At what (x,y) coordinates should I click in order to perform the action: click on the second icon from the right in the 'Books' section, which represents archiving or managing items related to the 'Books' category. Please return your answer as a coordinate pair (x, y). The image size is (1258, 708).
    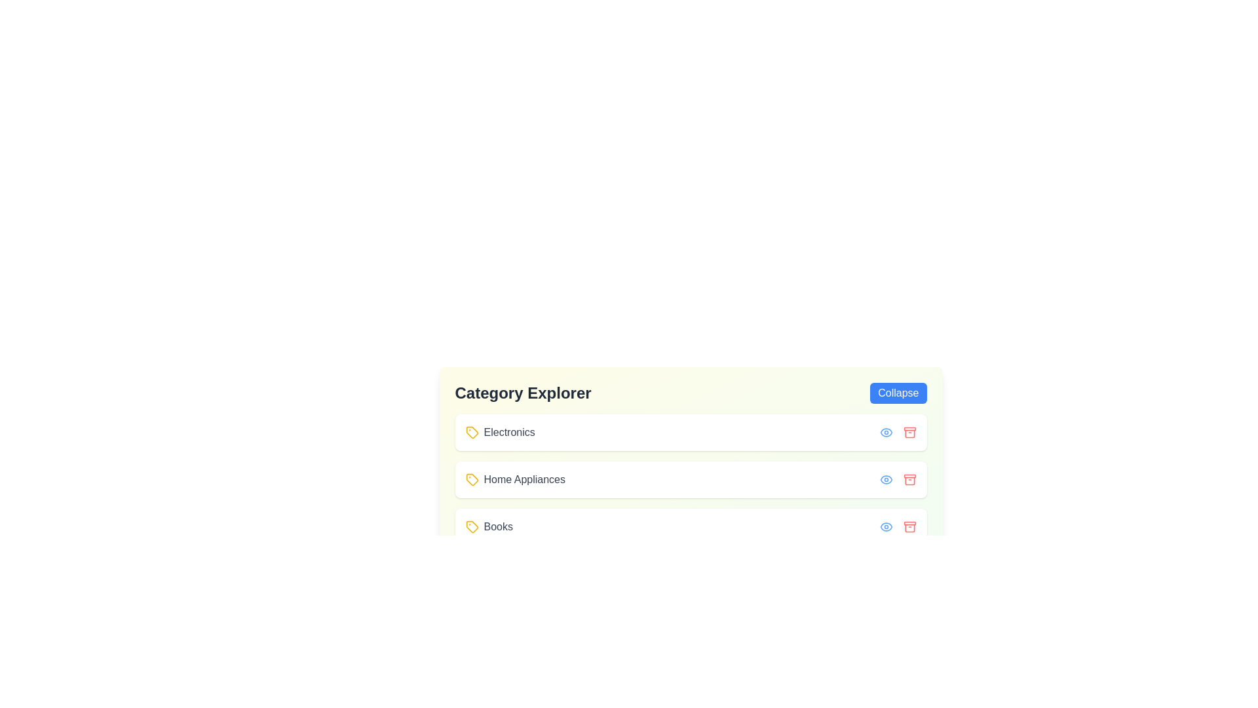
    Looking at the image, I should click on (909, 526).